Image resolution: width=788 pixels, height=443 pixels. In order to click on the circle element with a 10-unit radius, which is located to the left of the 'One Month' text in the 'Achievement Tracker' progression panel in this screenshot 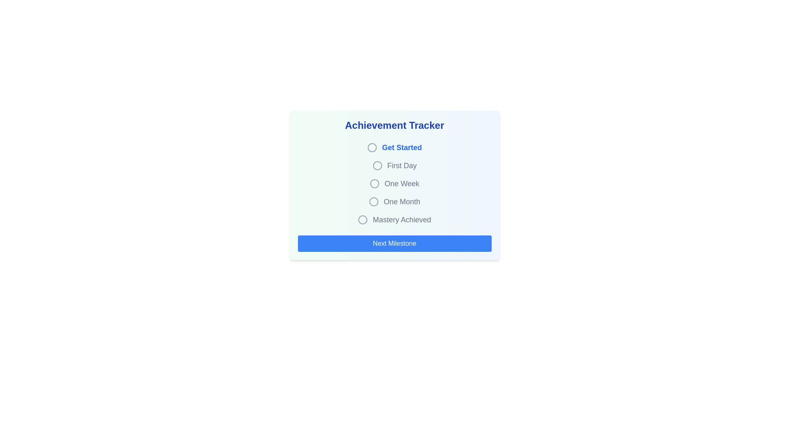, I will do `click(373, 202)`.